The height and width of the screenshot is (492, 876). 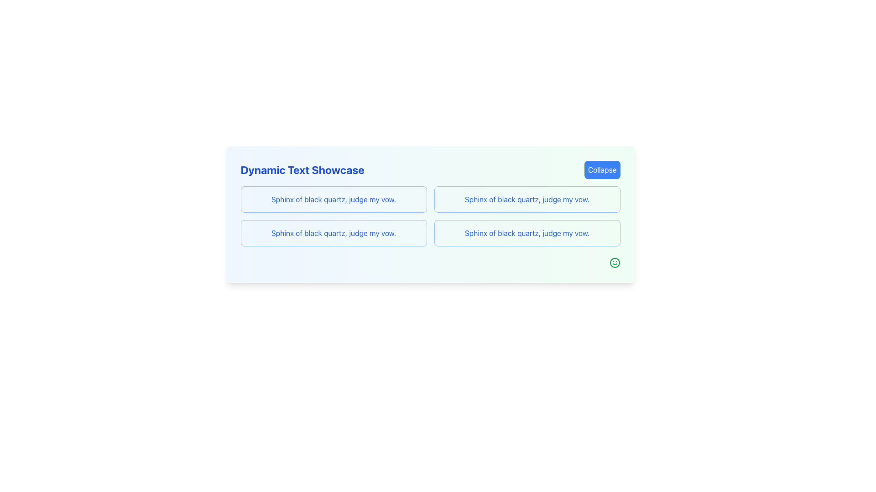 I want to click on the text block that reads 'Sphinx of black quartz, judge my vow.' styled in bold blue font with a blue border, located in the bottom-right position of a 2x2 grid layout, so click(x=527, y=233).